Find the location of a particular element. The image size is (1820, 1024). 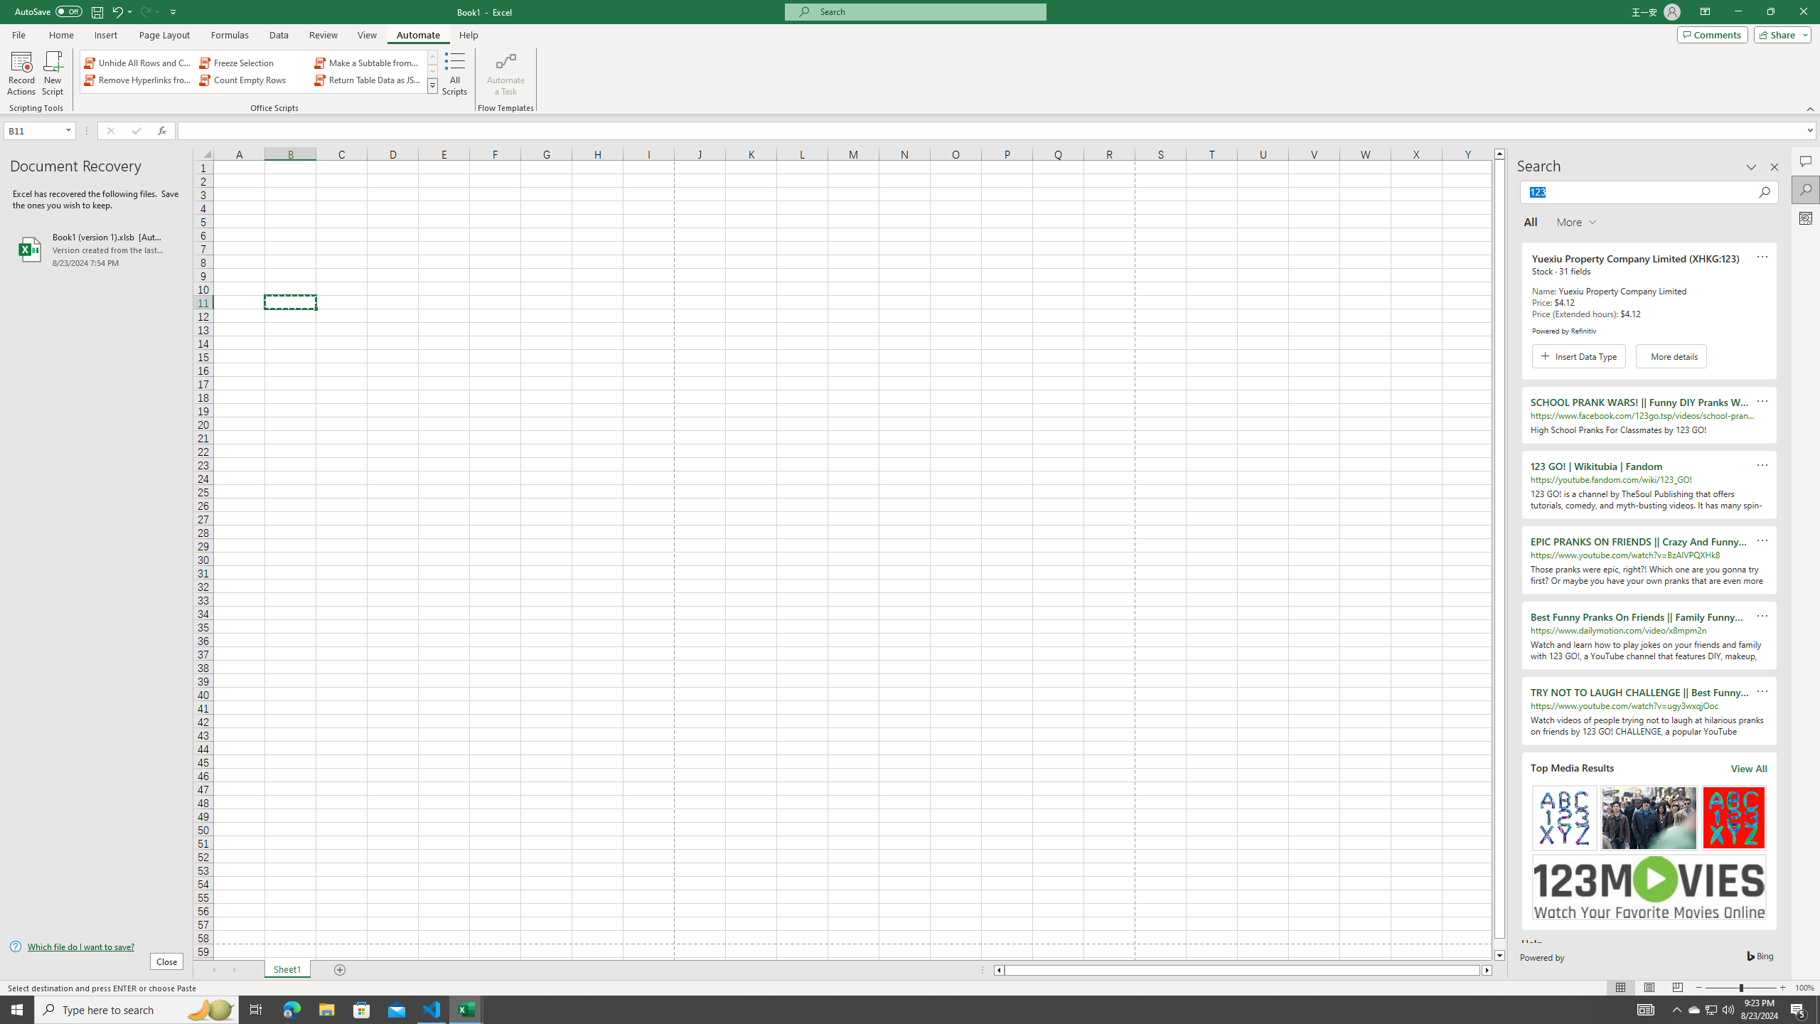

'Office Scripts' is located at coordinates (432, 85).